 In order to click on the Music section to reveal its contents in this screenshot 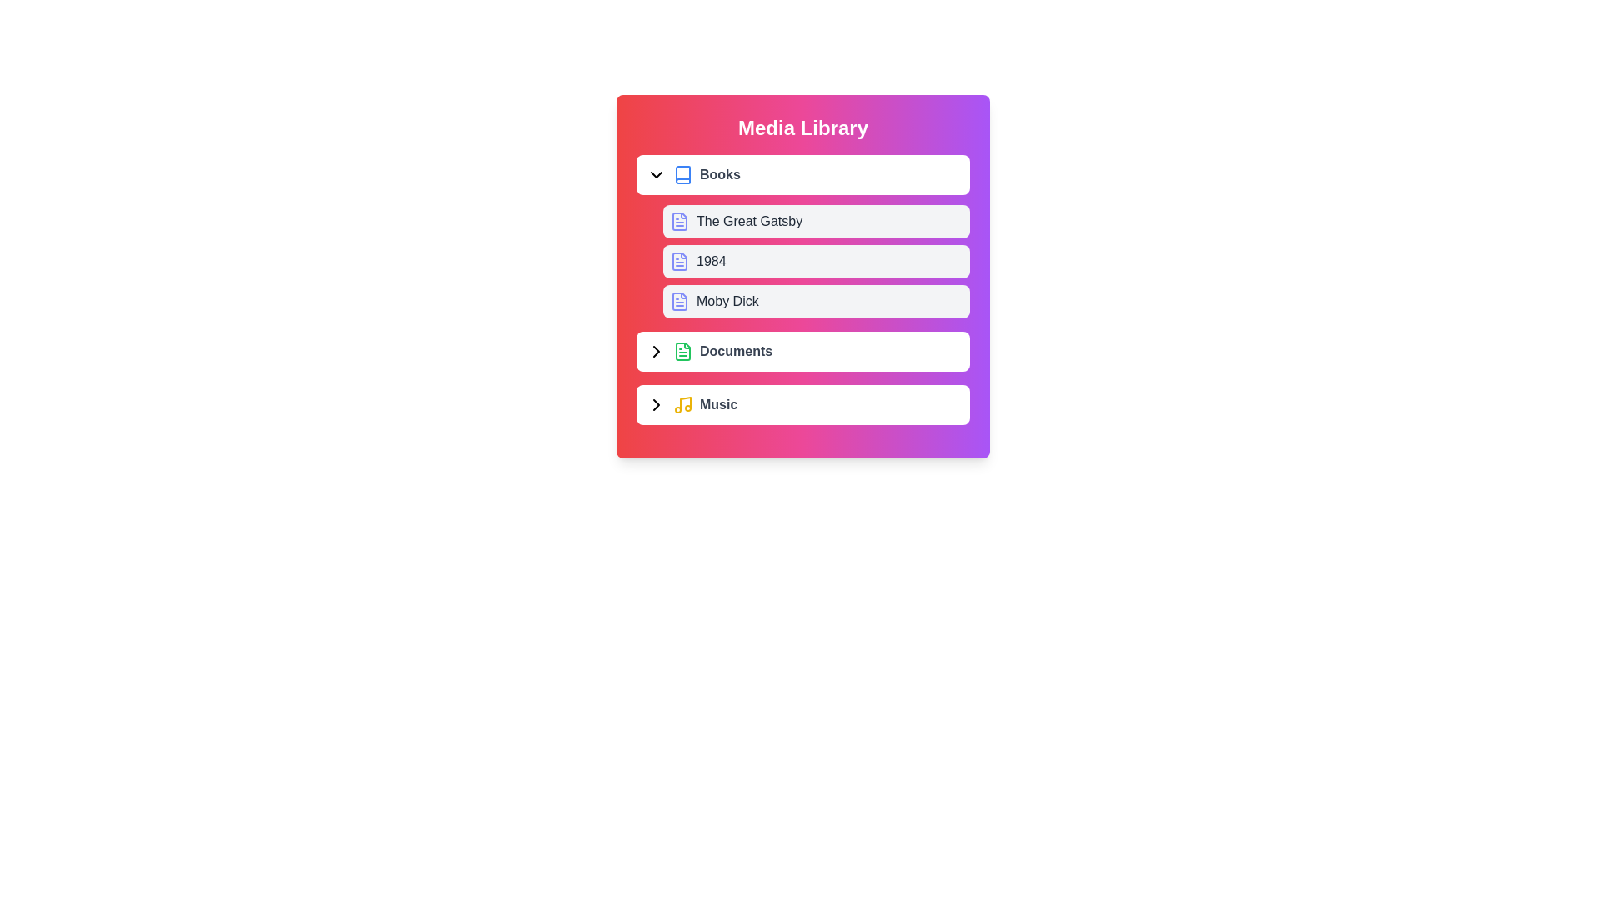, I will do `click(803, 405)`.